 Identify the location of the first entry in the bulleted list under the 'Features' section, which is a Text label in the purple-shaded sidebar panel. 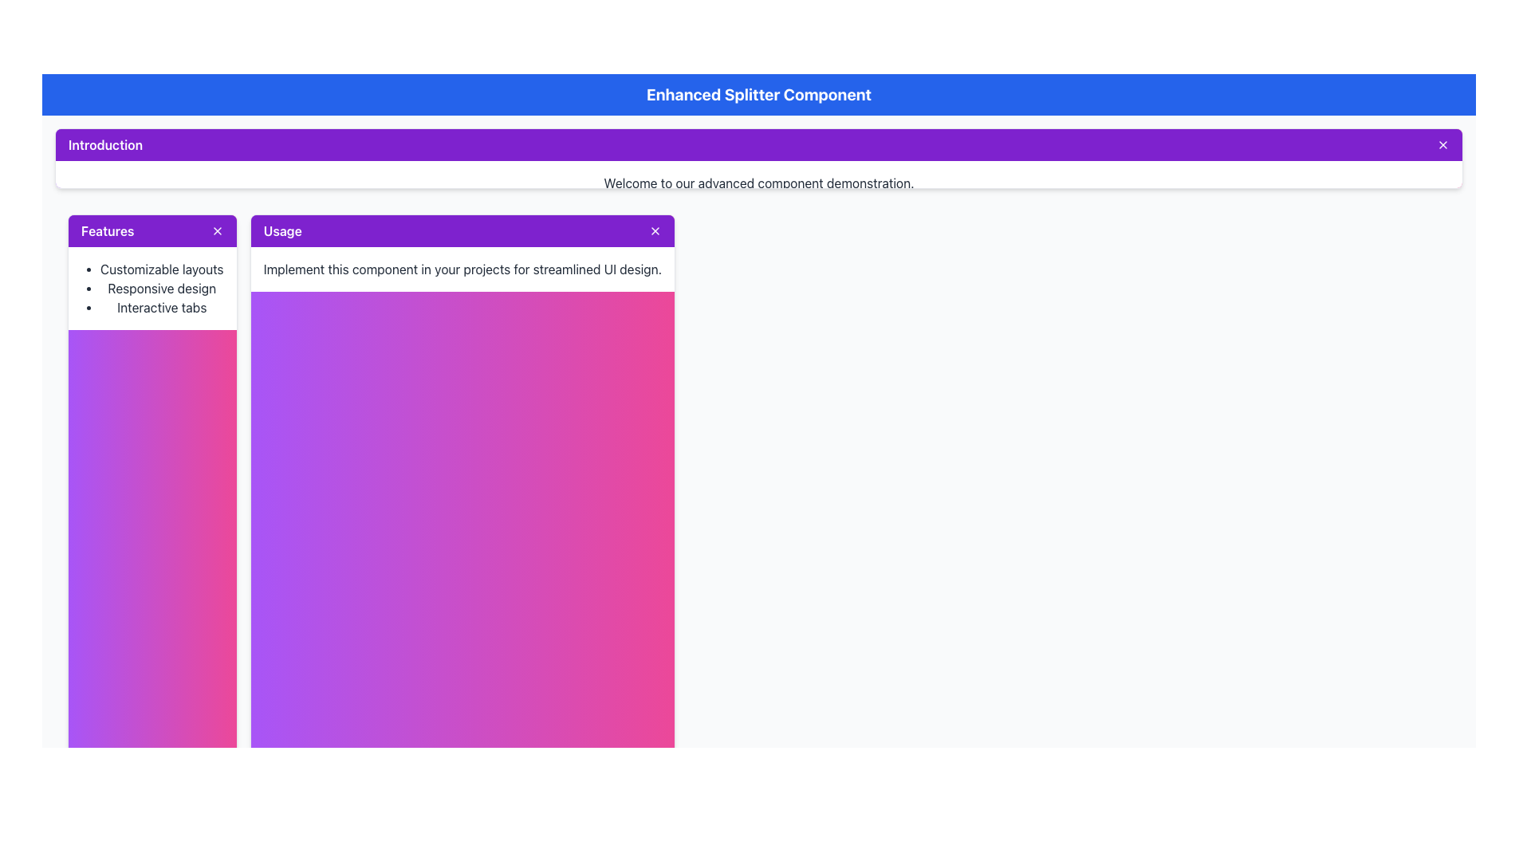
(162, 268).